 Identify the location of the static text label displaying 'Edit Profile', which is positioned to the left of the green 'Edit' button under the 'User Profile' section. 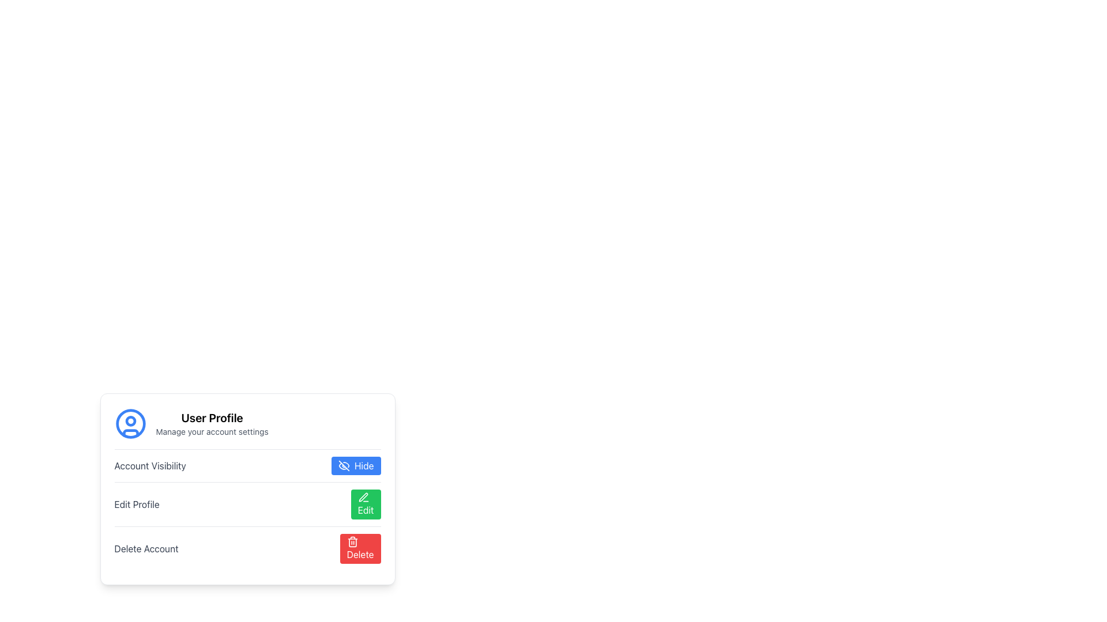
(137, 503).